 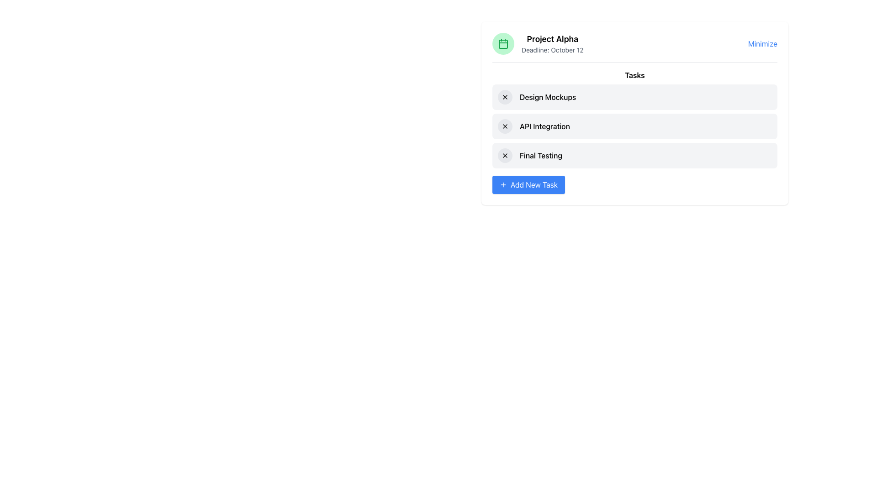 What do you see at coordinates (503, 44) in the screenshot?
I see `the calendar icon, which is visually represented inside a circular green background, located above the text 'Project Alpha' and 'Deadline: October 12'` at bounding box center [503, 44].